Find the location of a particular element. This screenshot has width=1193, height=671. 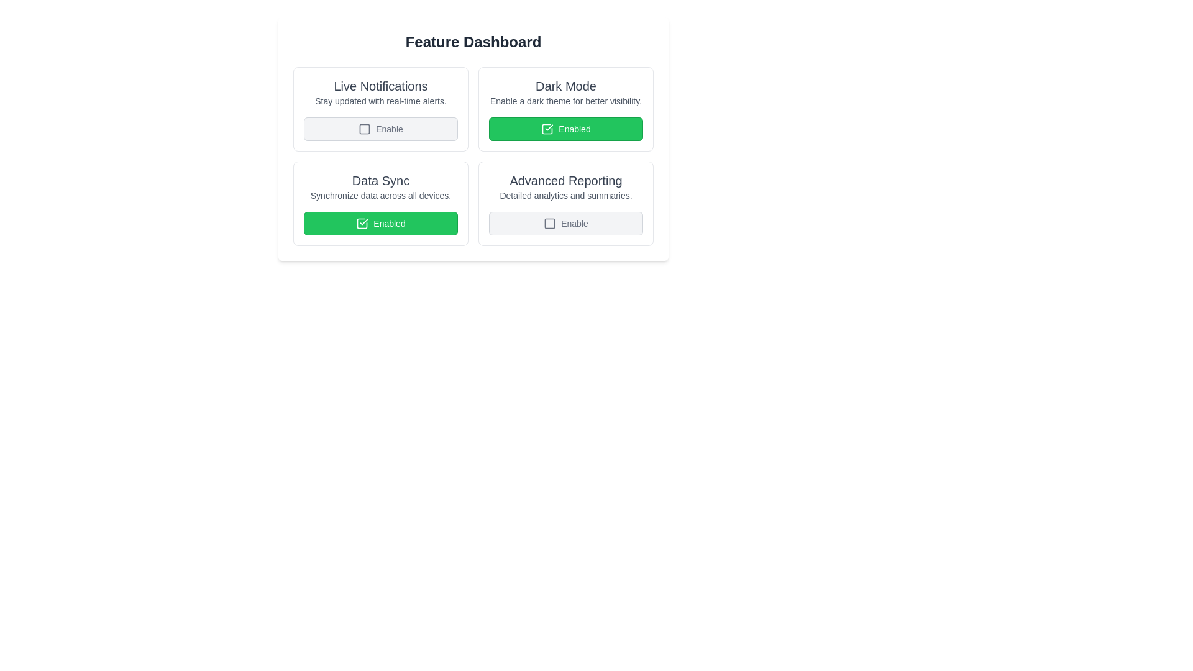

the descriptive text label located beneath the 'Data Sync' title and above the 'Enabled' checkbox is located at coordinates (380, 196).